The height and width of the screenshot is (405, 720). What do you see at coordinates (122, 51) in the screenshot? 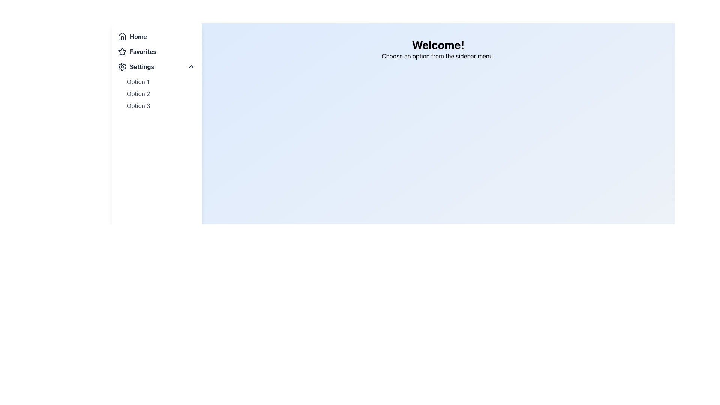
I see `the star icon with a dark outline located to the left of the 'Favorites' text in the vertical sidebar menu` at bounding box center [122, 51].